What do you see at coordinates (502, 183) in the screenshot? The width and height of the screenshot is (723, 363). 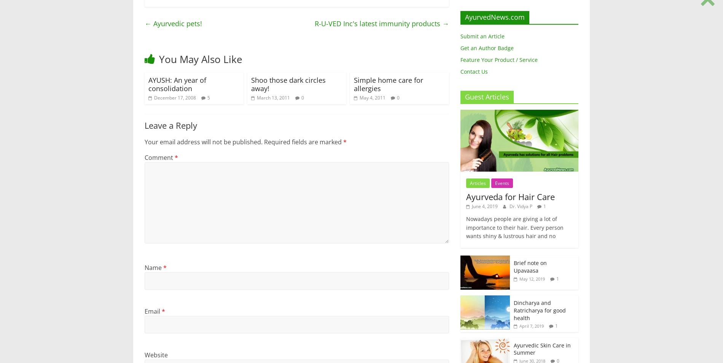 I see `'Events'` at bounding box center [502, 183].